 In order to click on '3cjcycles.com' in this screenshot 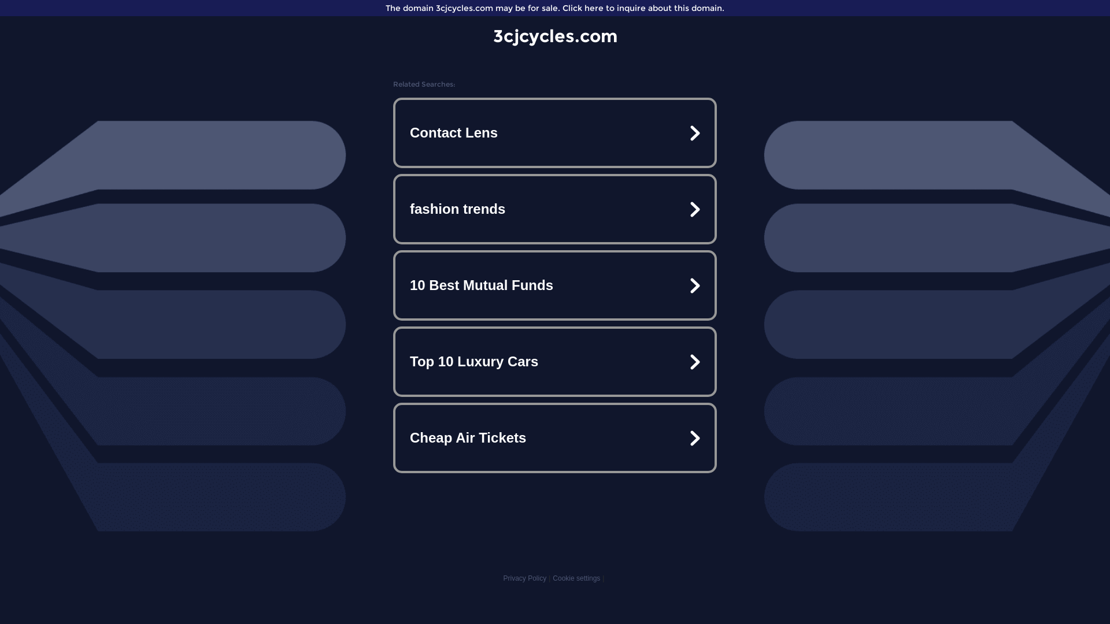, I will do `click(554, 35)`.